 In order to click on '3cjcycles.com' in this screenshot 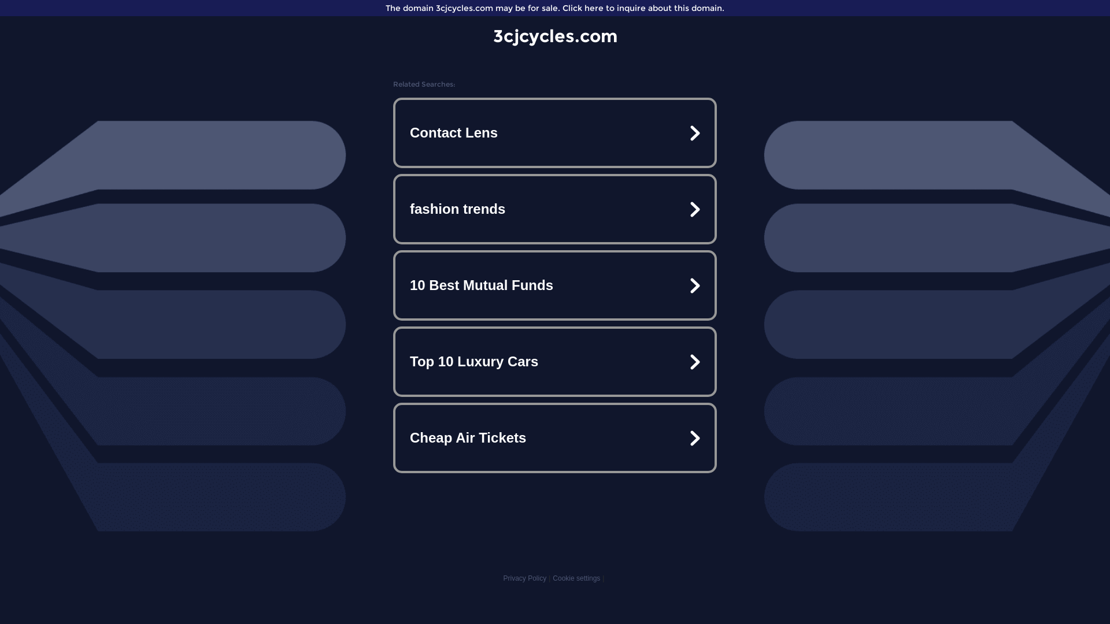, I will do `click(554, 35)`.